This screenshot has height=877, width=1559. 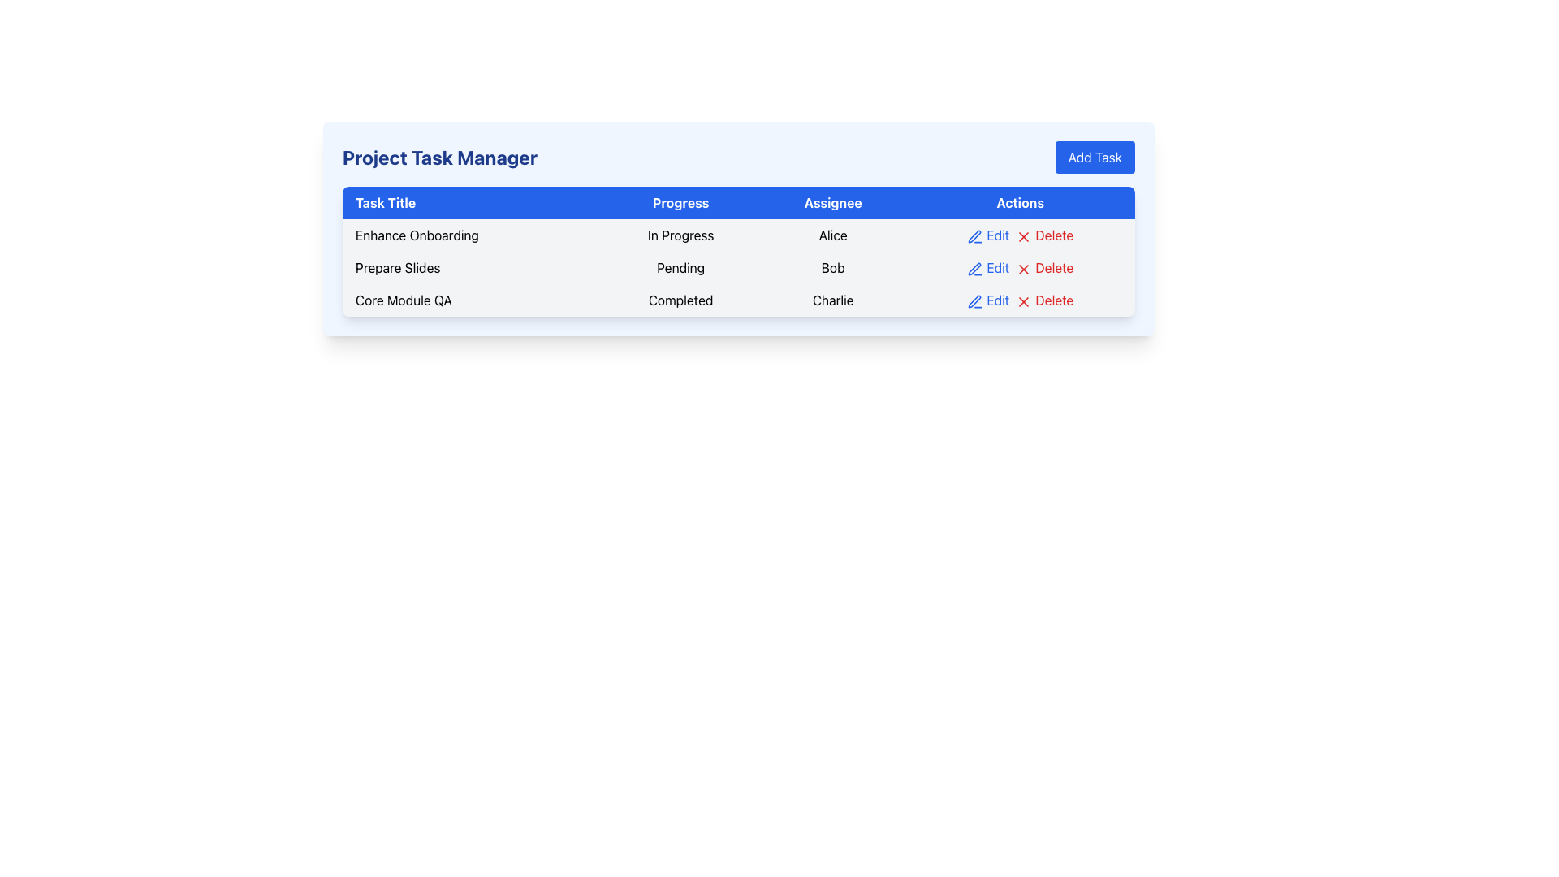 What do you see at coordinates (471, 235) in the screenshot?
I see `the text element labeled 'Enhance Onboarding', which is the first item under the 'Task Title' header, styled with black text on a light gray background` at bounding box center [471, 235].